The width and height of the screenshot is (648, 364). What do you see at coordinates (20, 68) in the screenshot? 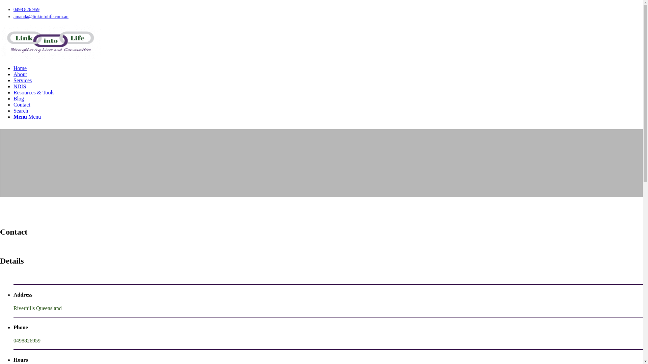
I see `'Home'` at bounding box center [20, 68].